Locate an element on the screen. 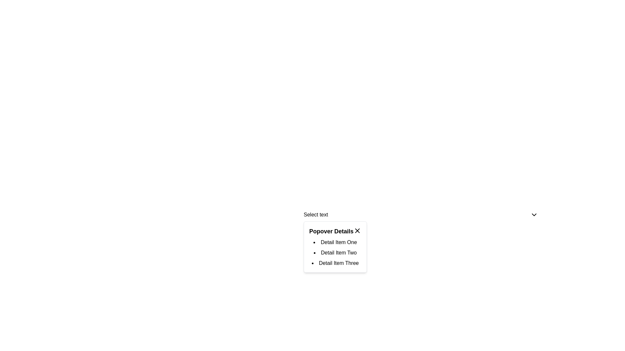 The image size is (625, 351). the text item reading 'Detail Item Two' by clicking on it in the bulleted list within the 'Popover Details' panel is located at coordinates (335, 253).